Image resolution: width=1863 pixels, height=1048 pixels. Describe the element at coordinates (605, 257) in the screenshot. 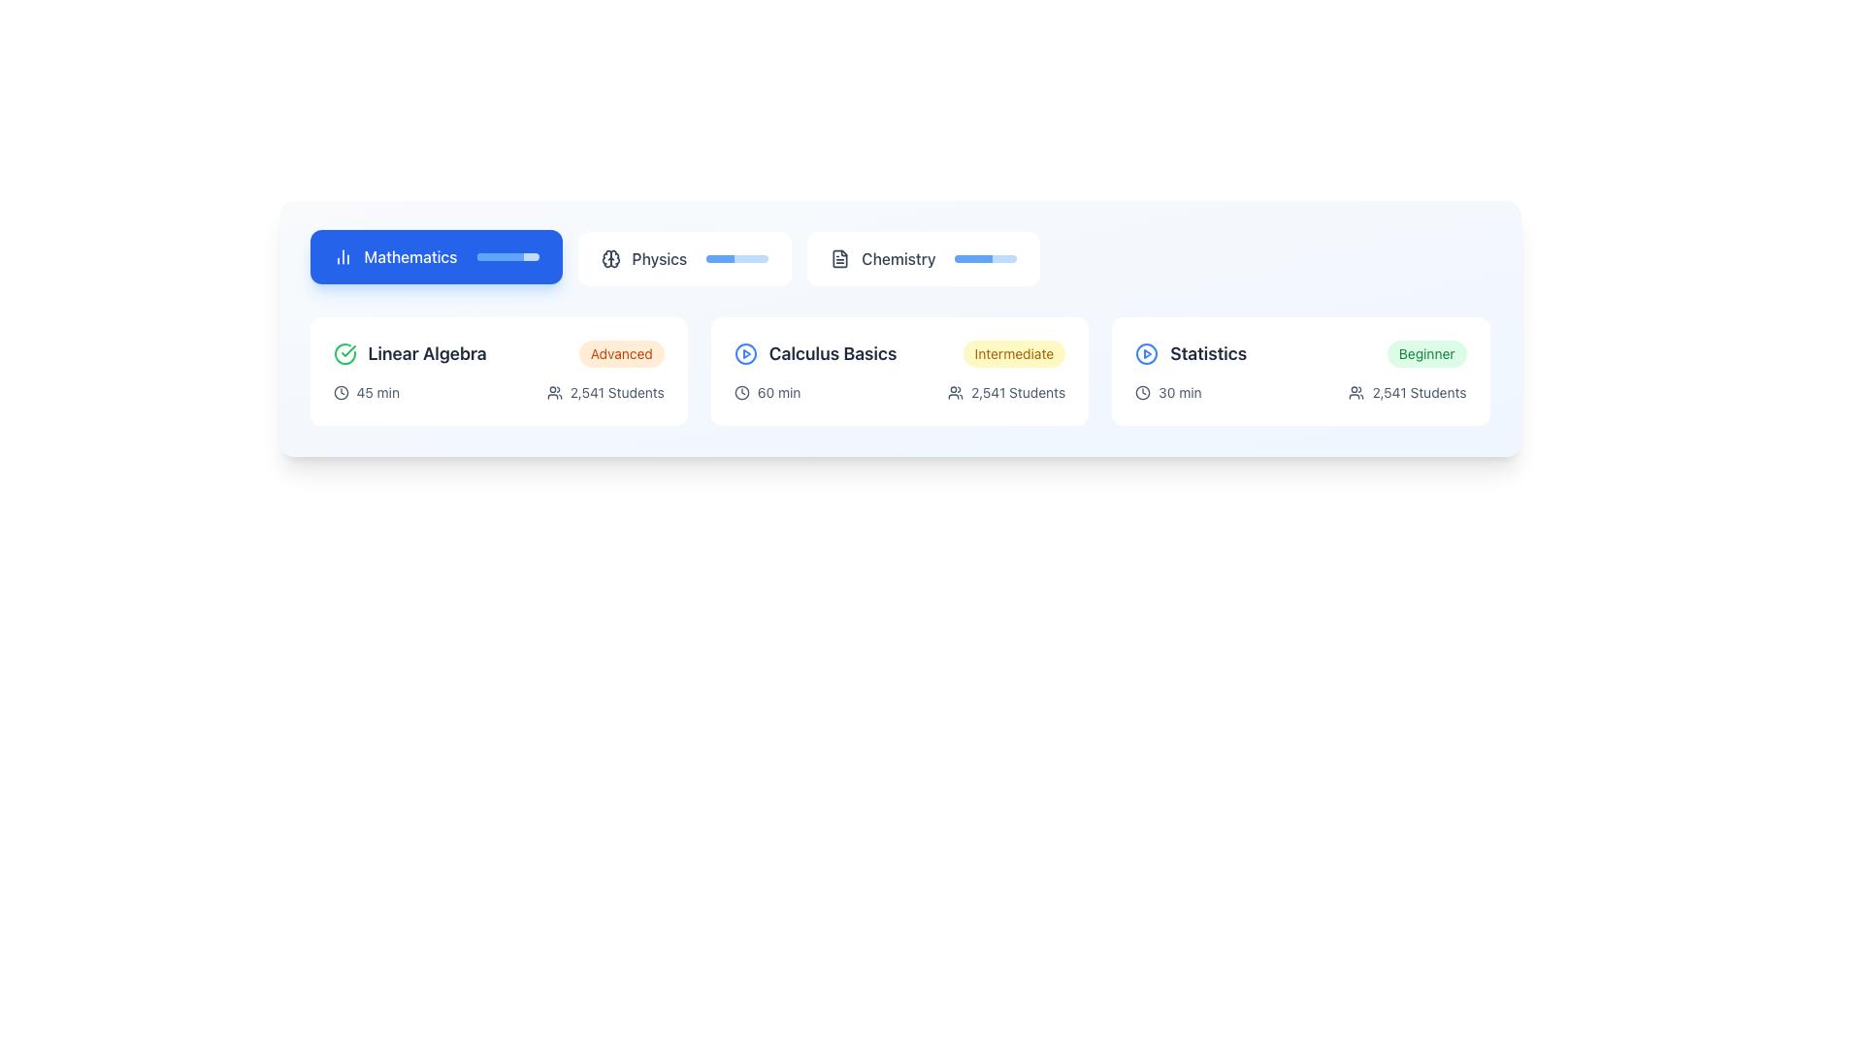

I see `the SVG graphic element that represents an intellectual or conceptual topic, located between the 'Mathematics' and 'Chemistry' sections` at that location.